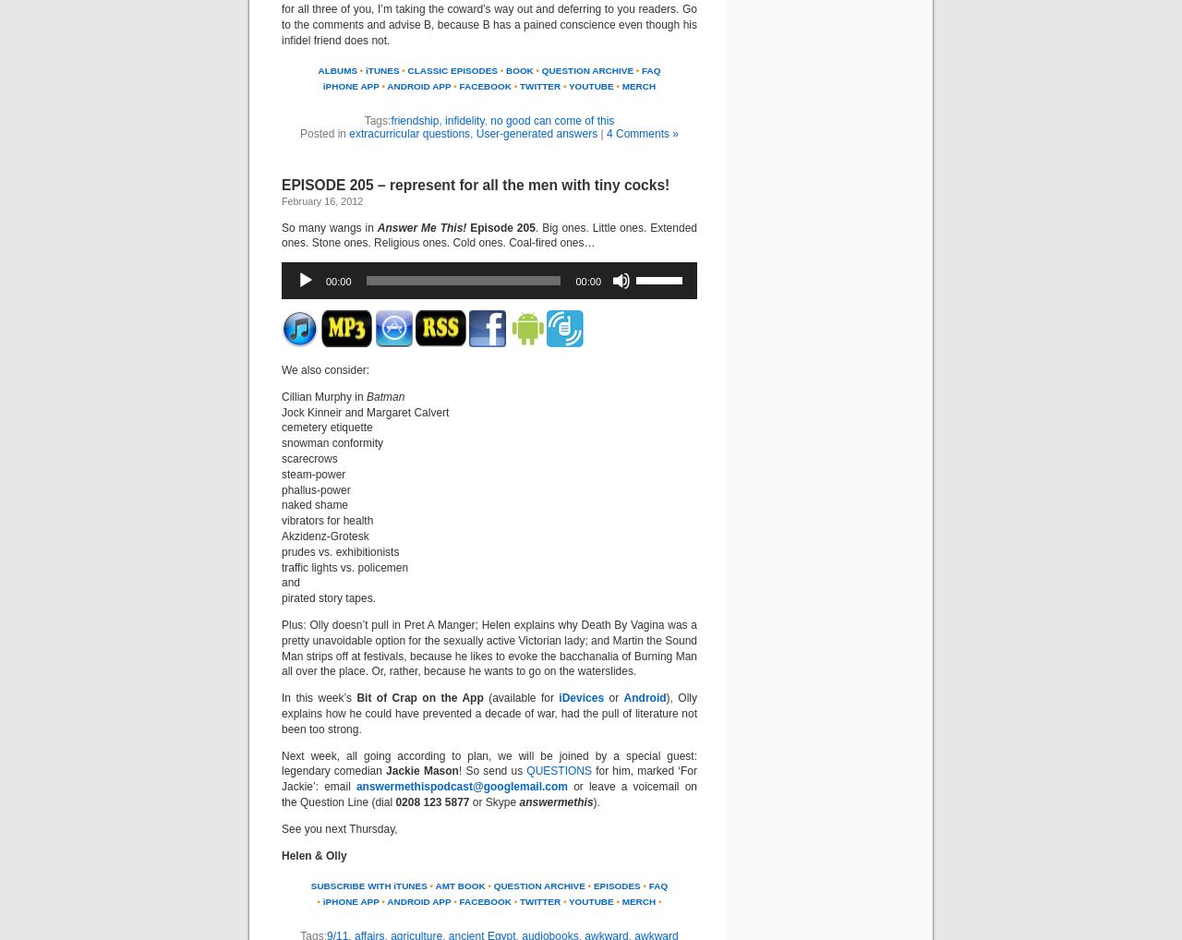 The image size is (1182, 940). Describe the element at coordinates (554, 801) in the screenshot. I see `'answermethis'` at that location.